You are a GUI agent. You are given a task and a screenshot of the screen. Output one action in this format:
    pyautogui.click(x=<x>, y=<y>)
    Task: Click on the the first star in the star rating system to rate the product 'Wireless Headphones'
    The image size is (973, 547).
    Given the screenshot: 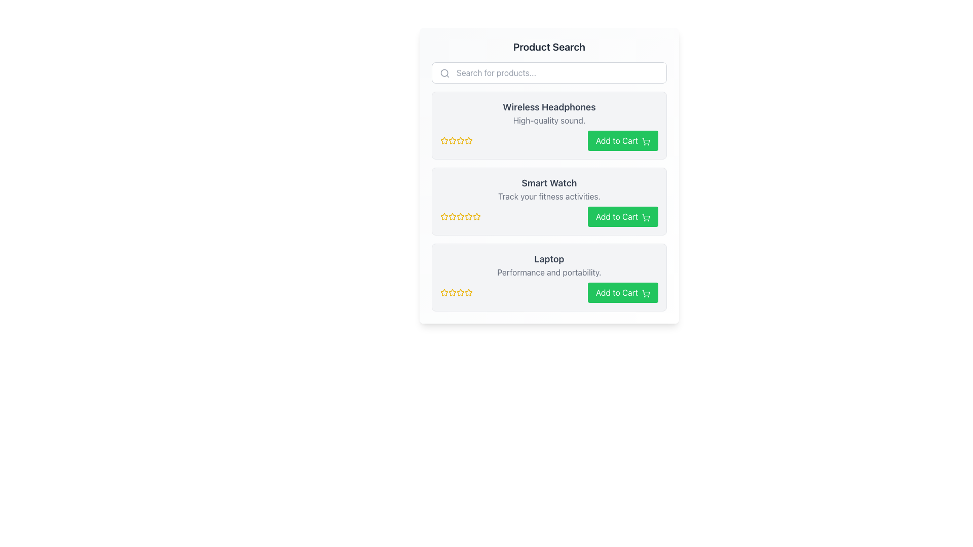 What is the action you would take?
    pyautogui.click(x=443, y=140)
    